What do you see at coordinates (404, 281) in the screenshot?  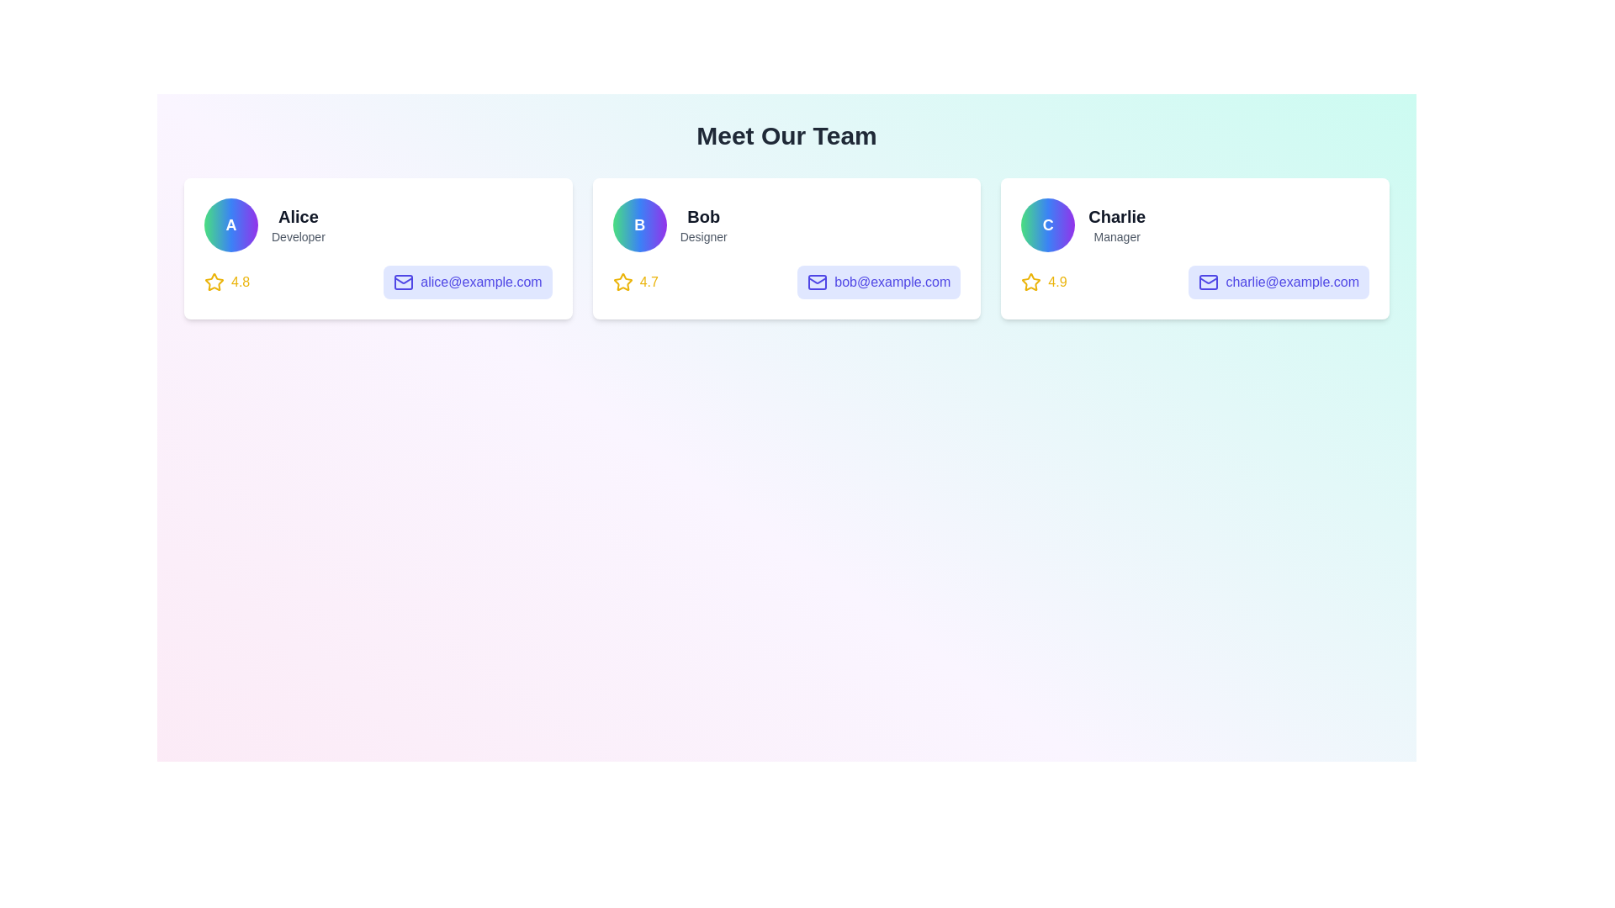 I see `the envelope icon within the 'alice@example.com' button located in the lower-right part of Alice's card in the 'Meet Our Team' section` at bounding box center [404, 281].